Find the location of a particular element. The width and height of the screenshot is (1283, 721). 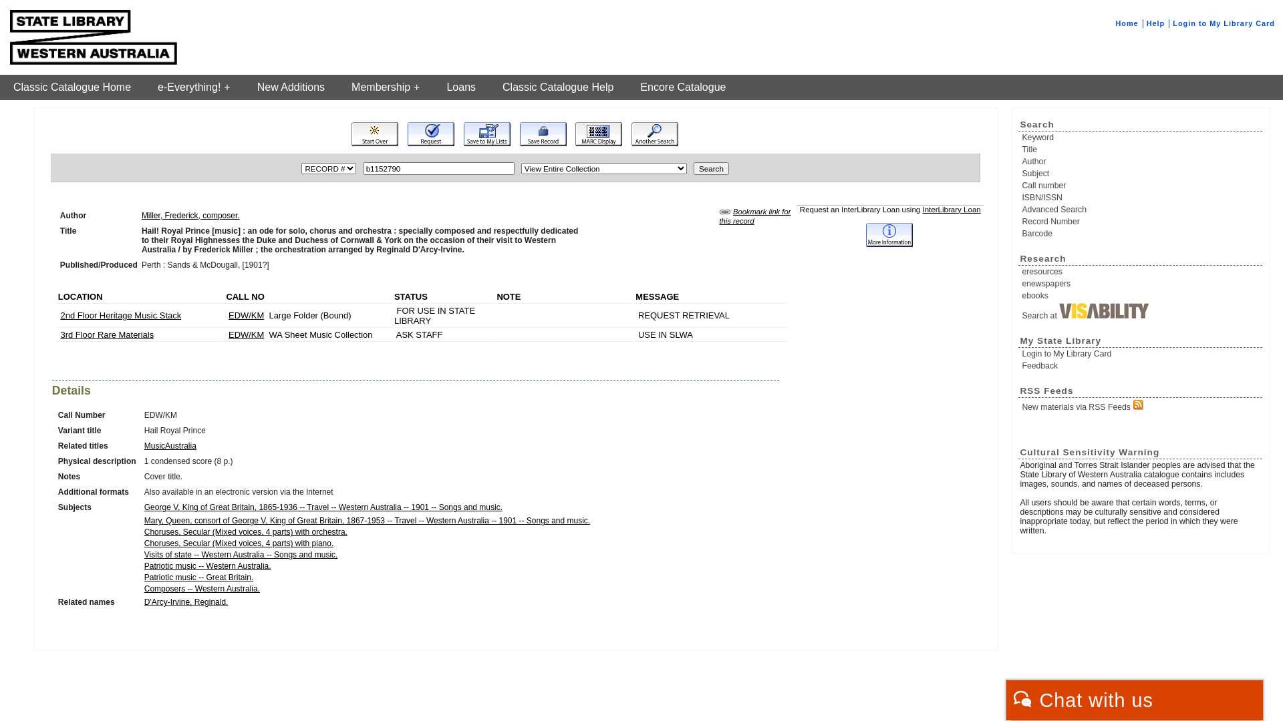

'Search' is located at coordinates (710, 168).